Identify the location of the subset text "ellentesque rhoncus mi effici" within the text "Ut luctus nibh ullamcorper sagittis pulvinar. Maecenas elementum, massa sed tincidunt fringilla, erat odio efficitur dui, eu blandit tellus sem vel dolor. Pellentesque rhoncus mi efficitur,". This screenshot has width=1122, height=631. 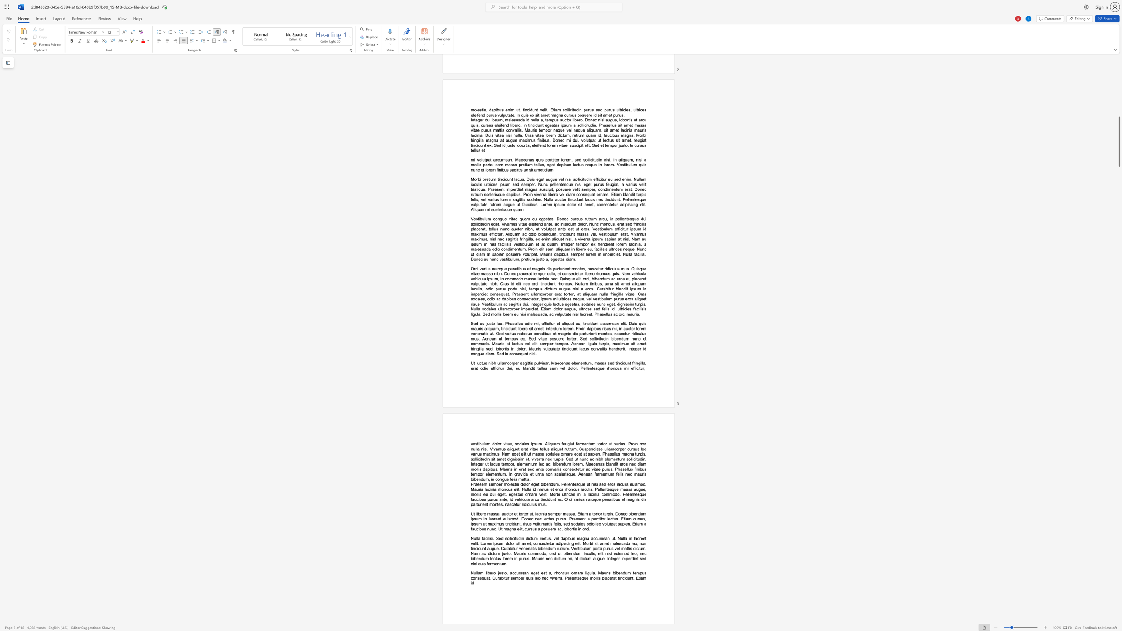
(583, 368).